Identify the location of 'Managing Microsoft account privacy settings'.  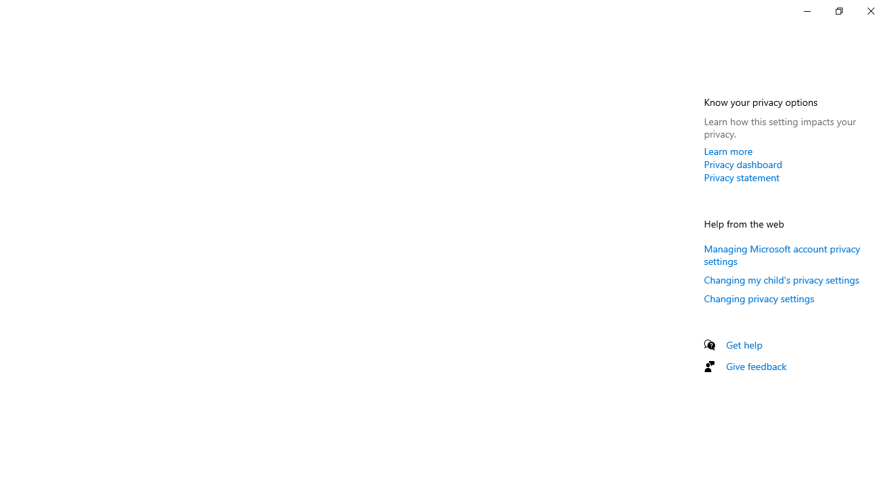
(782, 255).